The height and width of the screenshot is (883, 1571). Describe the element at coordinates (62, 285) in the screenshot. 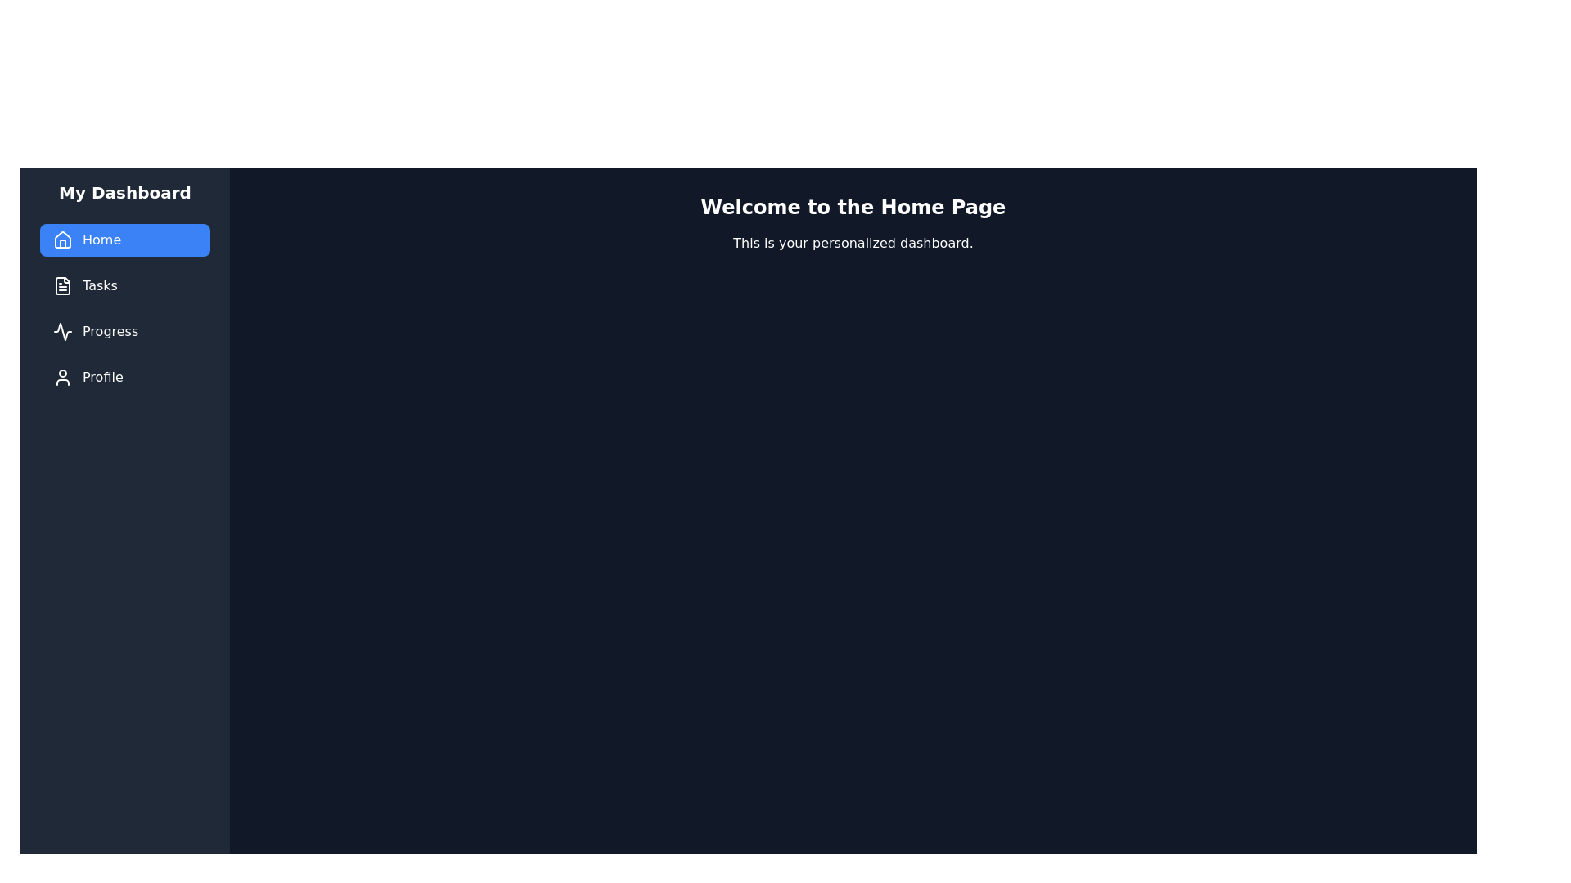

I see `the document icon in the sidebar menu, which is located to the left of the 'Tasks' label` at that location.